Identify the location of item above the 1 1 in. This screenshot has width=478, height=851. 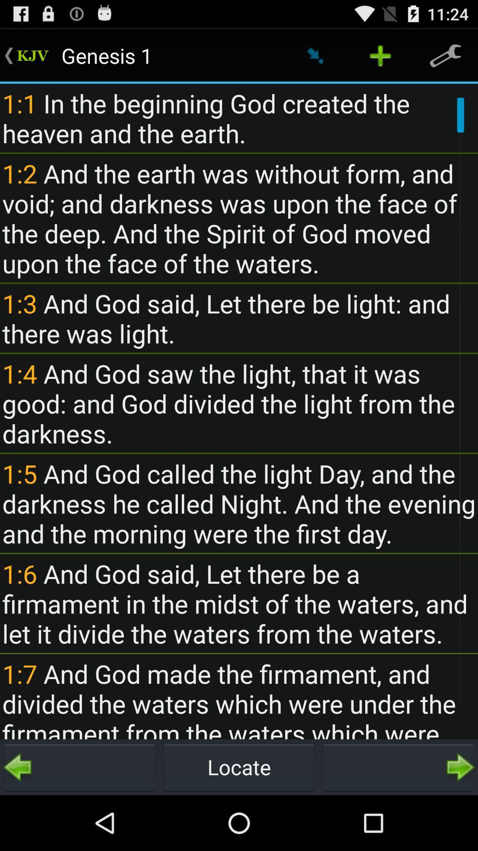
(380, 55).